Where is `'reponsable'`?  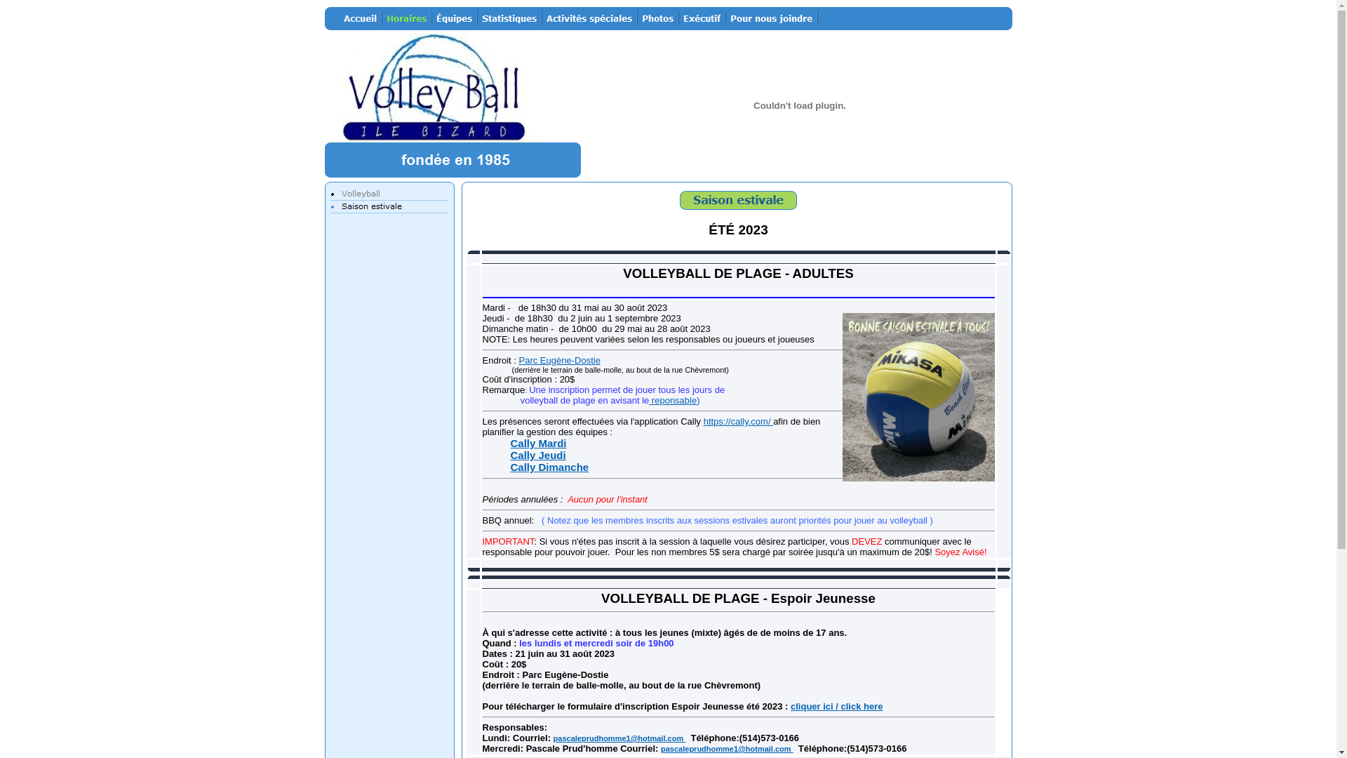 'reponsable' is located at coordinates (672, 400).